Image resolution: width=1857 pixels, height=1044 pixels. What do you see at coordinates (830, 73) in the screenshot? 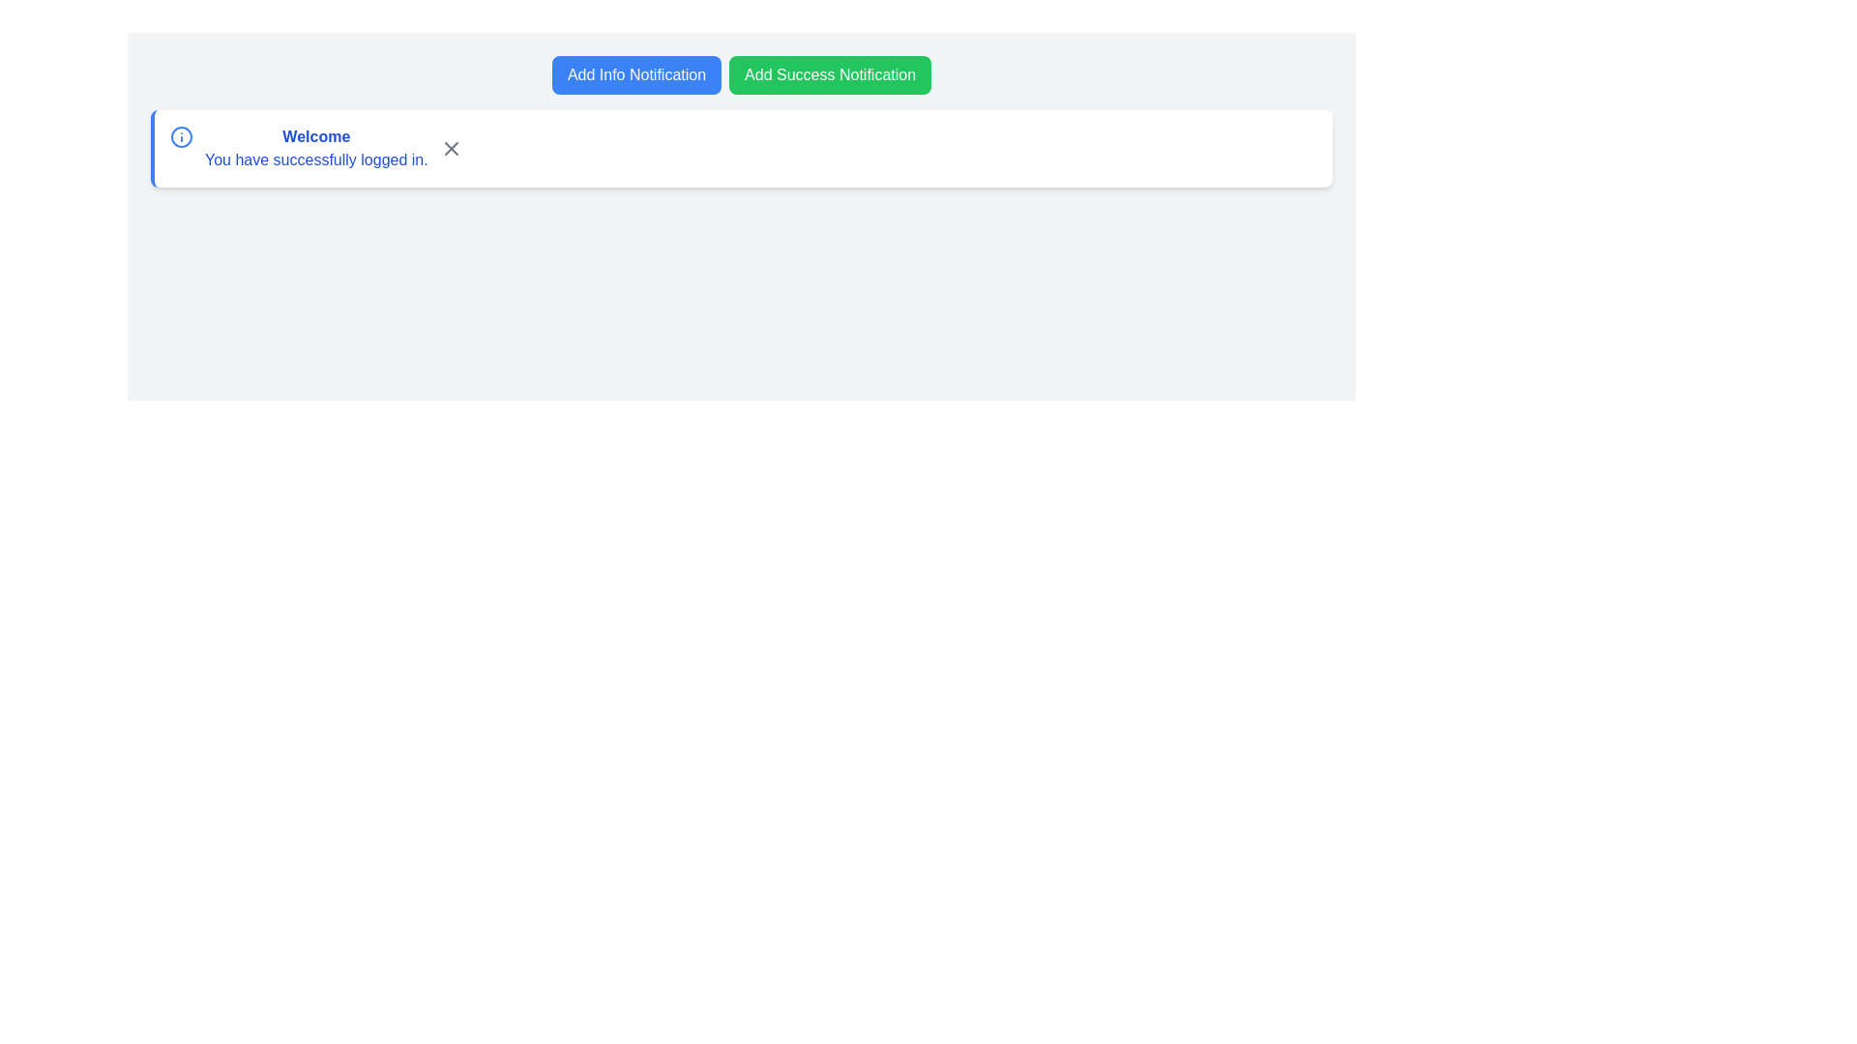
I see `the 'Success Notification' button` at bounding box center [830, 73].